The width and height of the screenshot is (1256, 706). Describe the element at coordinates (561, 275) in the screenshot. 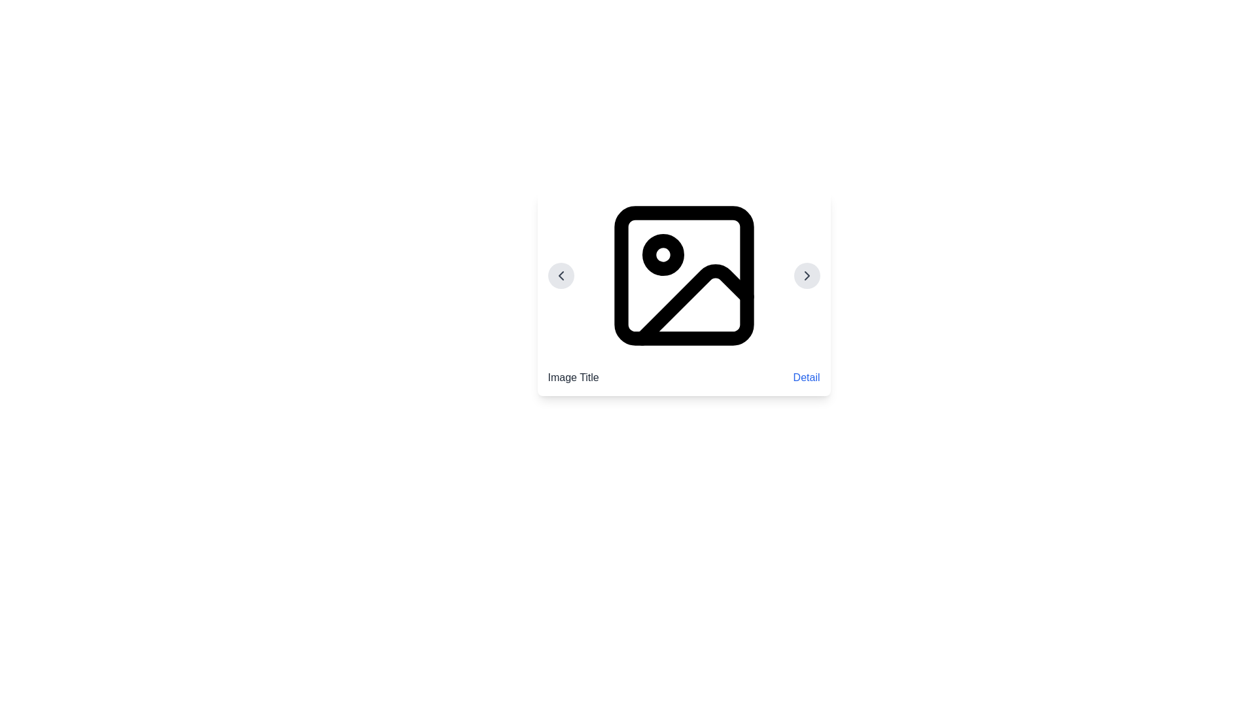

I see `the Chevron Icon on the left side of the image card` at that location.